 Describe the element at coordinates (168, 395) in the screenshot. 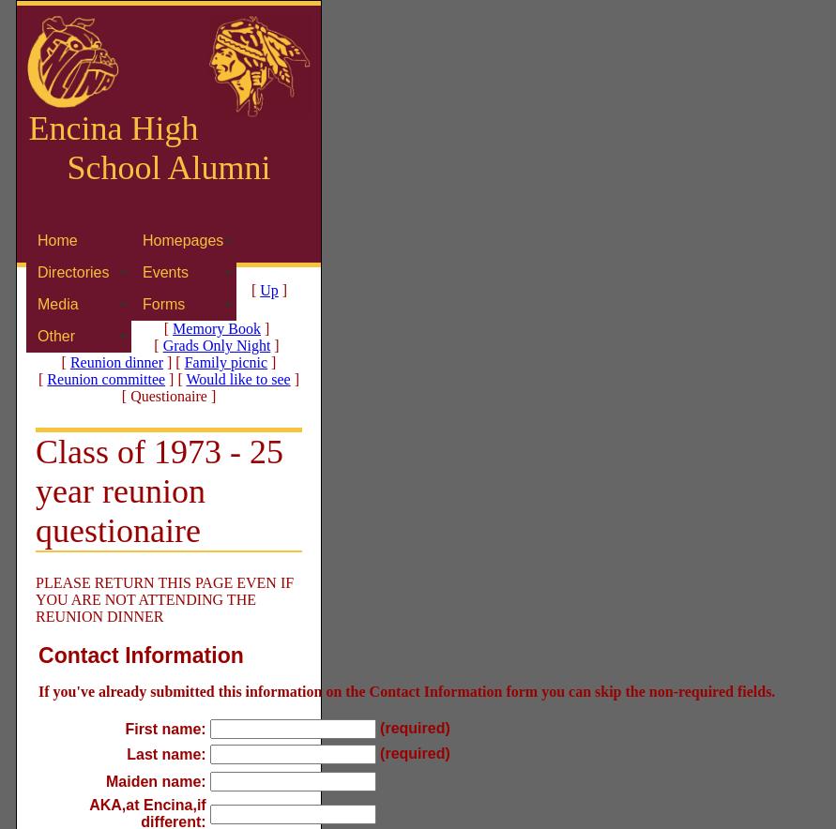

I see `'[ Questionaire ]'` at that location.